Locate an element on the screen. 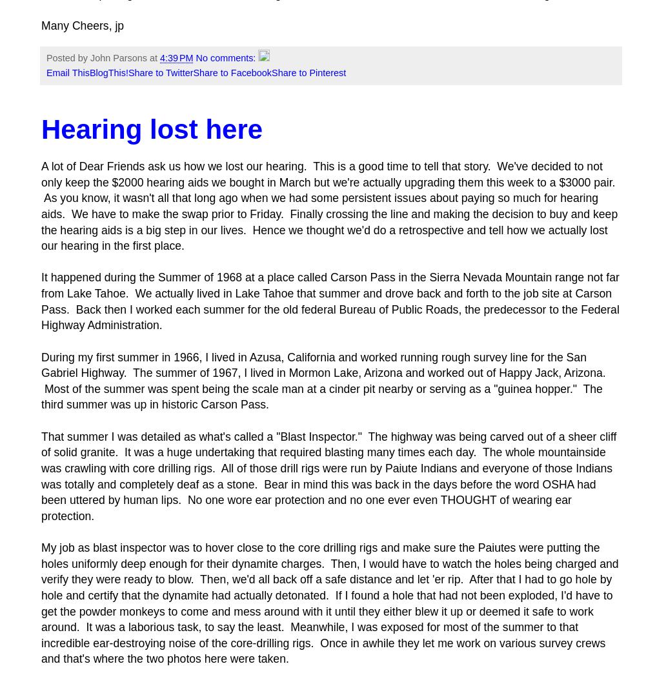  'Posted by' is located at coordinates (67, 57).